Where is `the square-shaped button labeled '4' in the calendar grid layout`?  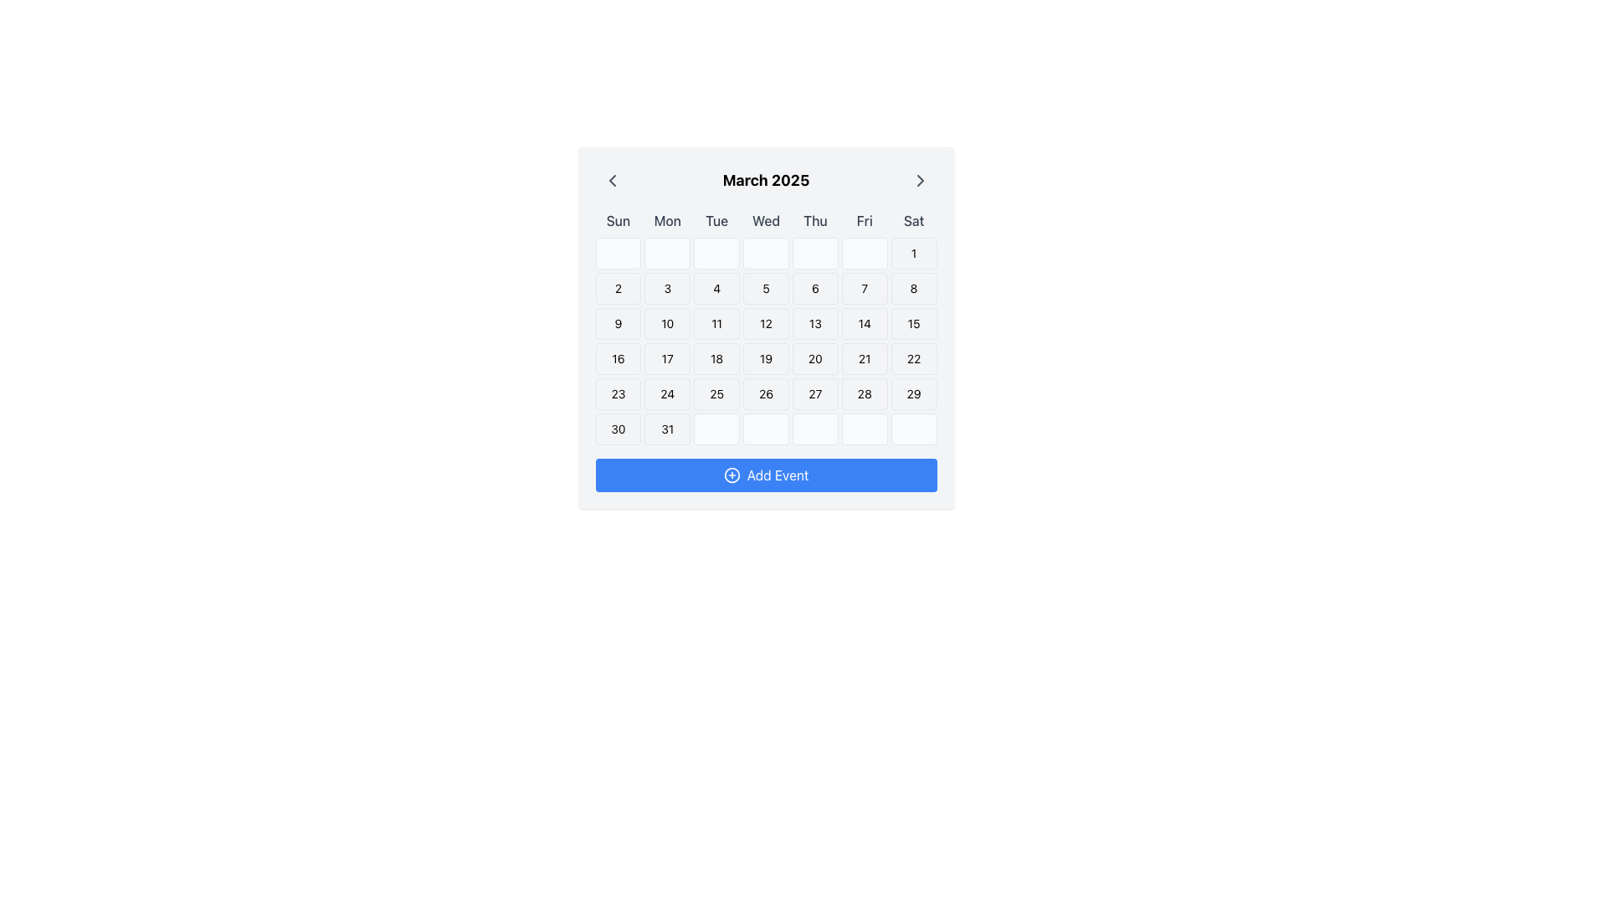 the square-shaped button labeled '4' in the calendar grid layout is located at coordinates (716, 287).